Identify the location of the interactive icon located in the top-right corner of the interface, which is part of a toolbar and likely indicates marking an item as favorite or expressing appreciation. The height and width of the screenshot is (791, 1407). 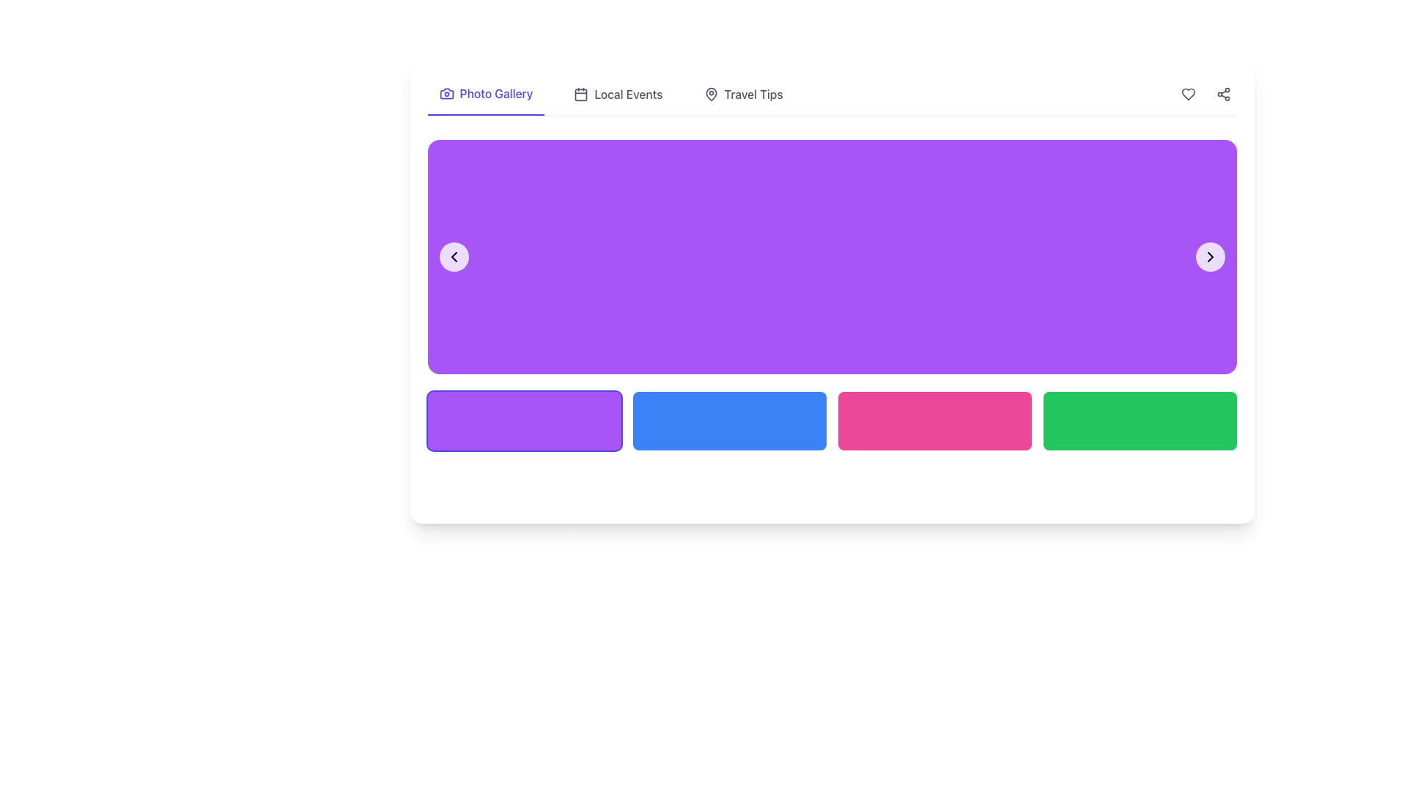
(1188, 94).